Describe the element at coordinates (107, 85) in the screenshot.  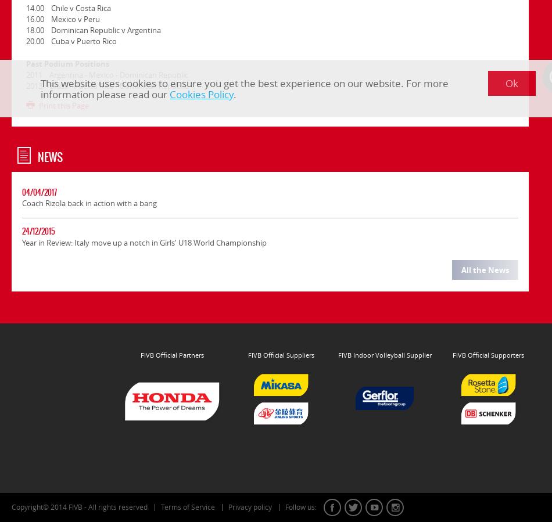
I see `'2013    Brazil - Puerto Rico - Dominican Republic'` at that location.